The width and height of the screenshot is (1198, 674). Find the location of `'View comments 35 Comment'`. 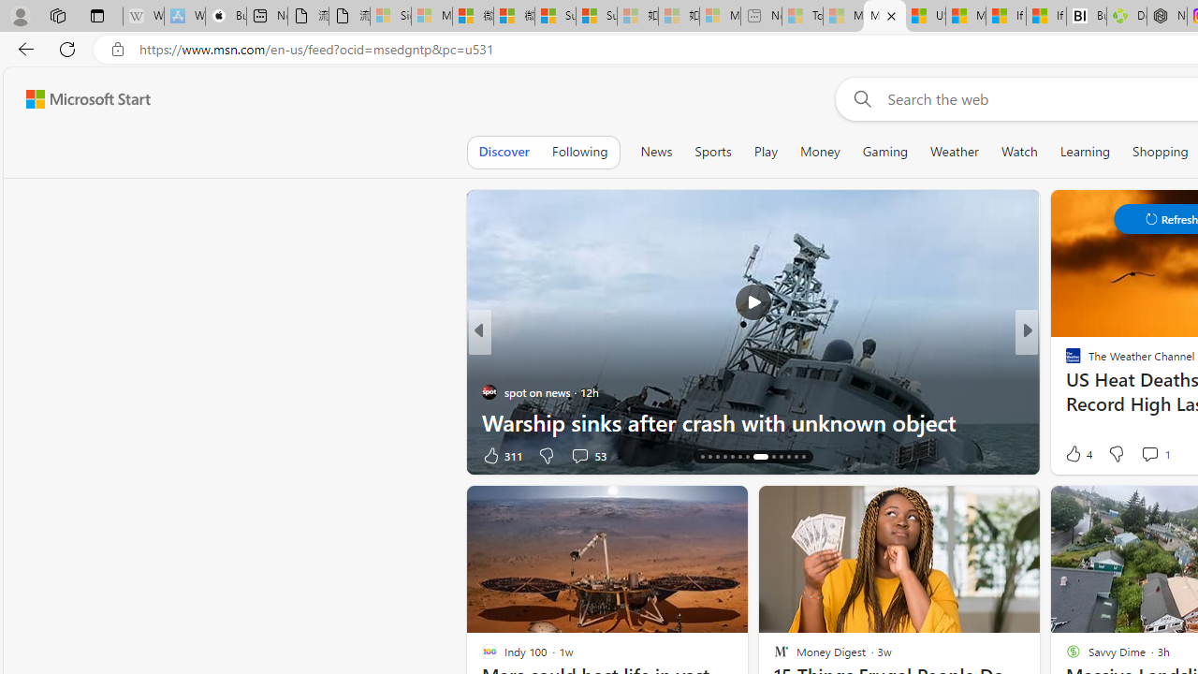

'View comments 35 Comment' is located at coordinates (1155, 455).